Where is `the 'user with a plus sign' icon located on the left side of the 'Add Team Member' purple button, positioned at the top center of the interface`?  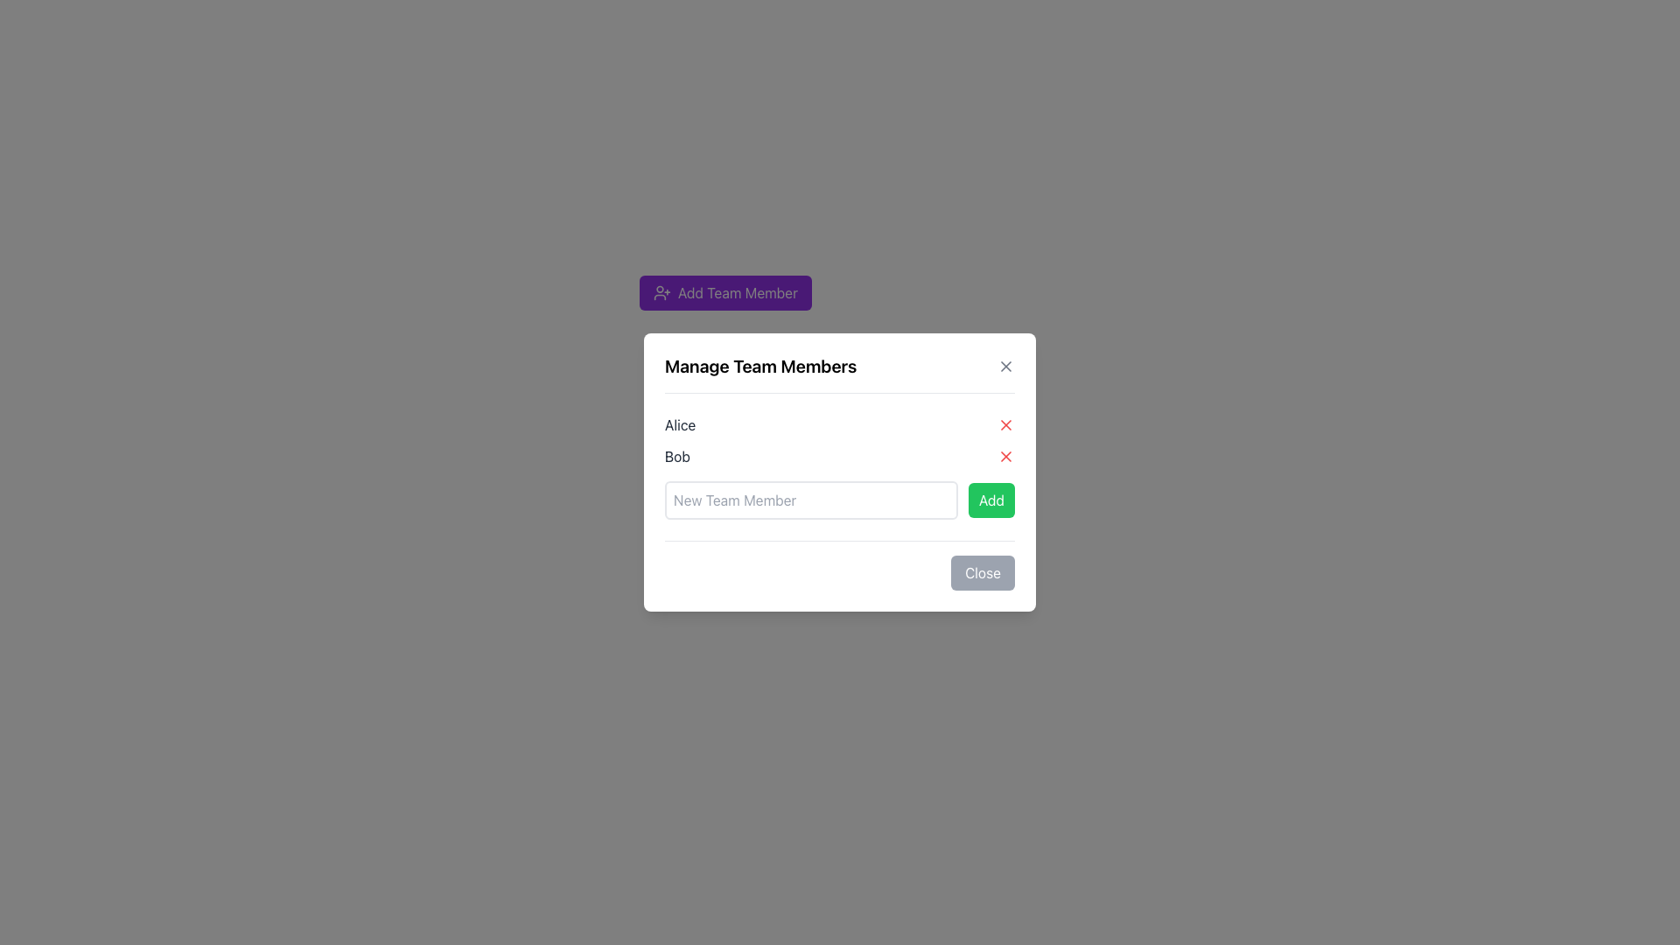
the 'user with a plus sign' icon located on the left side of the 'Add Team Member' purple button, positioned at the top center of the interface is located at coordinates (661, 292).